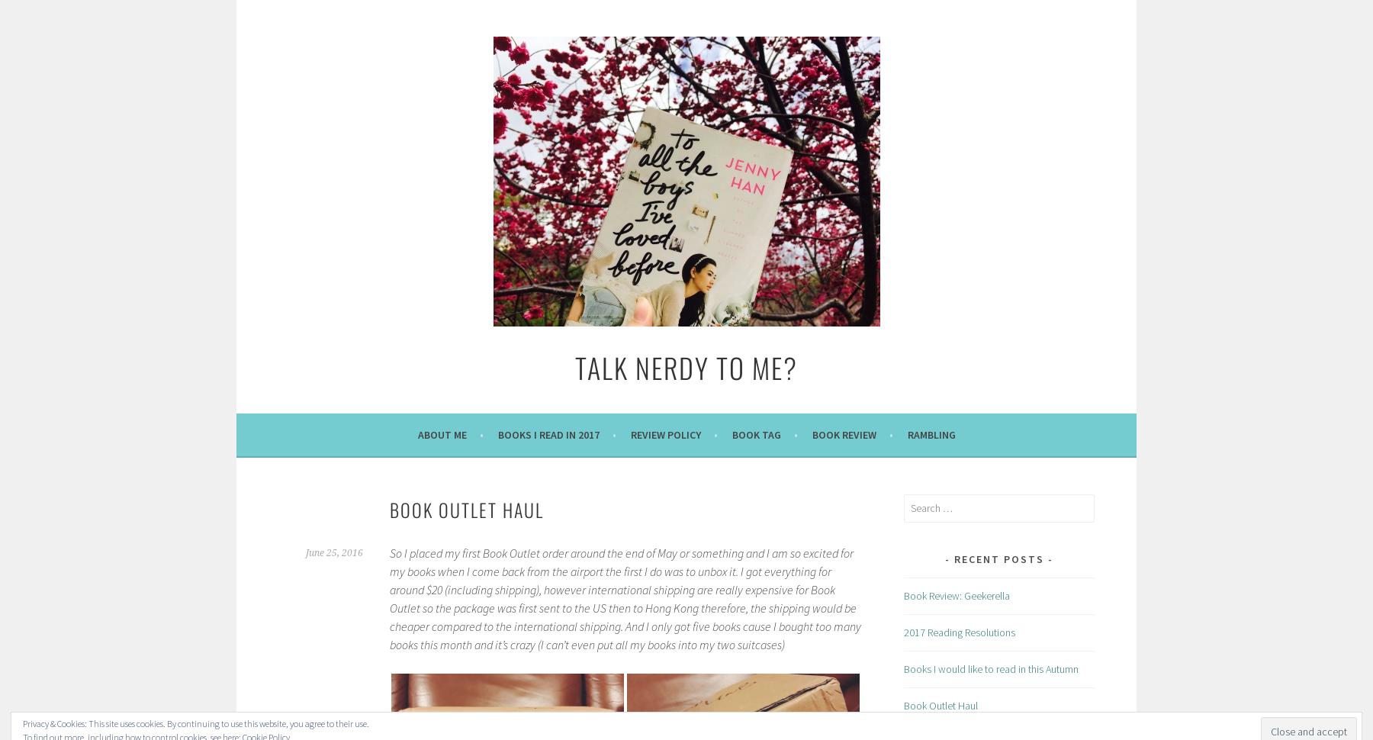 This screenshot has width=1373, height=740. What do you see at coordinates (731, 433) in the screenshot?
I see `'Book Tag'` at bounding box center [731, 433].